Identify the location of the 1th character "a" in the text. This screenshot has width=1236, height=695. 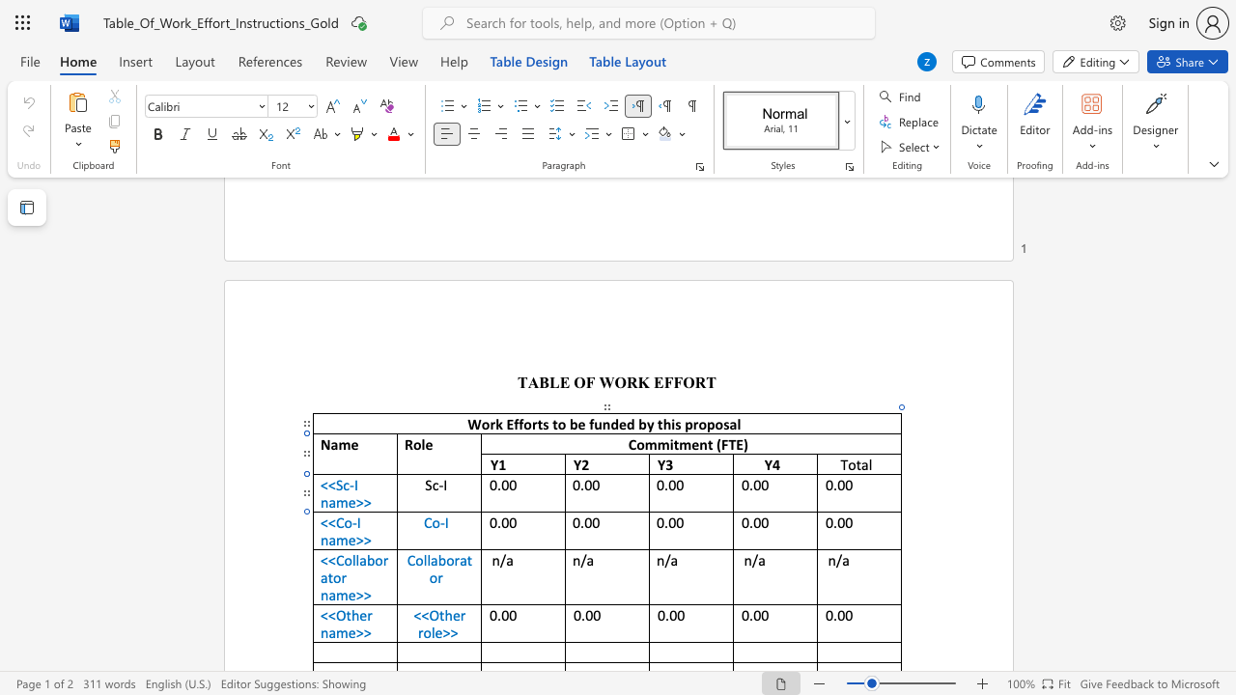
(332, 540).